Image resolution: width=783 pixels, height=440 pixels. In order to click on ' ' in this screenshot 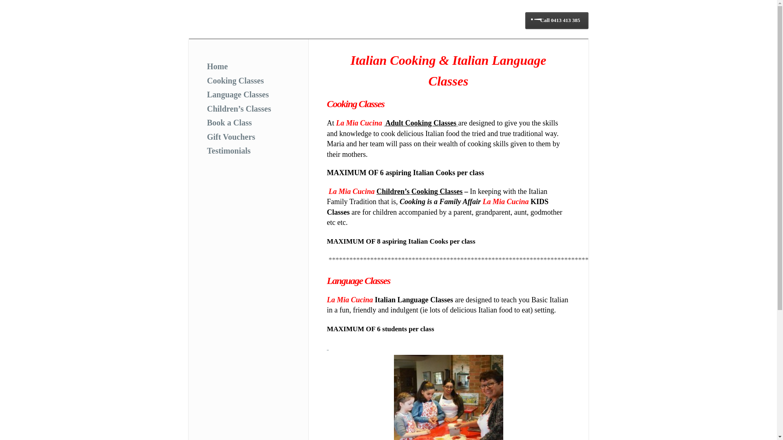, I will do `click(328, 347)`.